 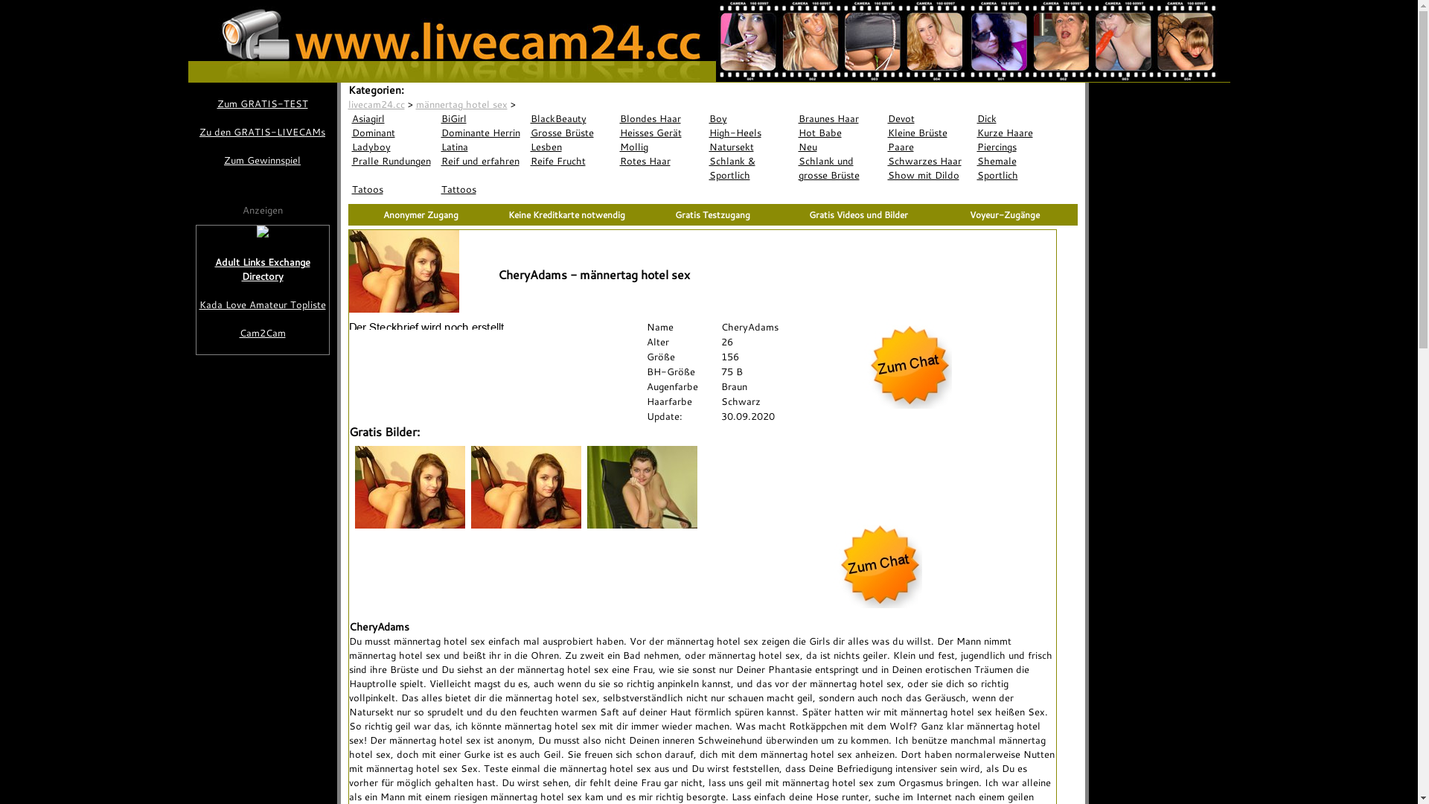 What do you see at coordinates (571, 161) in the screenshot?
I see `'Reife Frucht'` at bounding box center [571, 161].